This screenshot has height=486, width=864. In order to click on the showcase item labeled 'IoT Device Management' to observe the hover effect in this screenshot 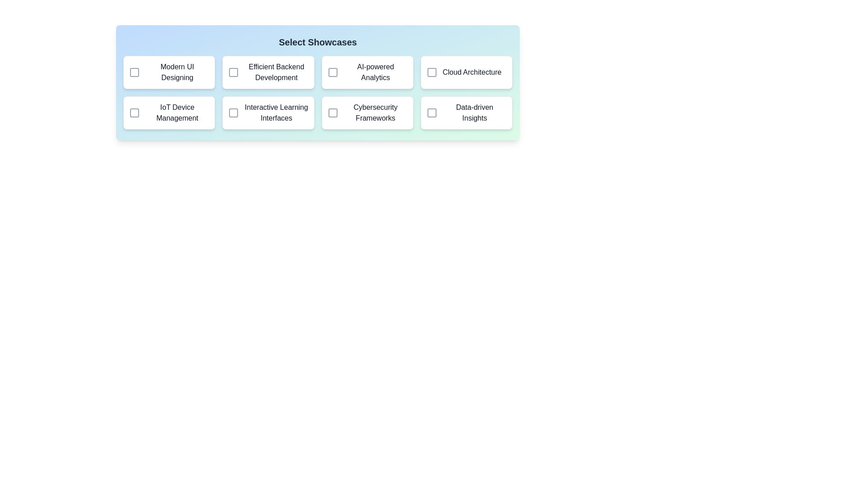, I will do `click(169, 112)`.